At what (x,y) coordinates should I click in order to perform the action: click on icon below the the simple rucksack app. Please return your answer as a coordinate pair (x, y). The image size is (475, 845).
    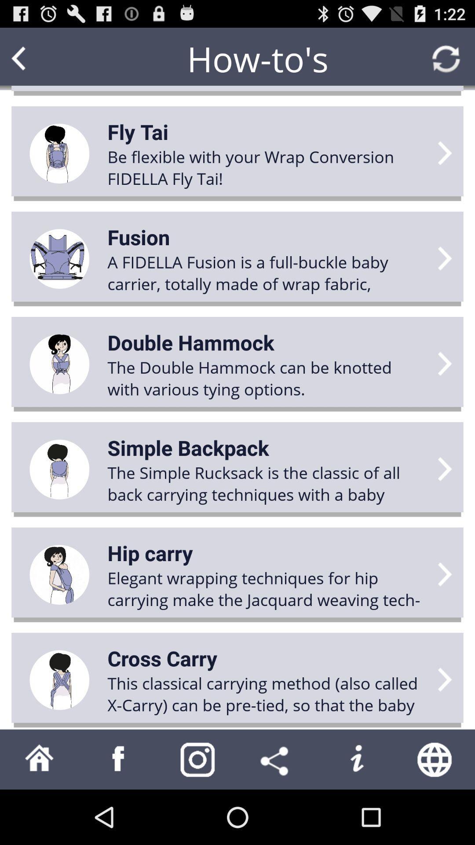
    Looking at the image, I should click on (150, 552).